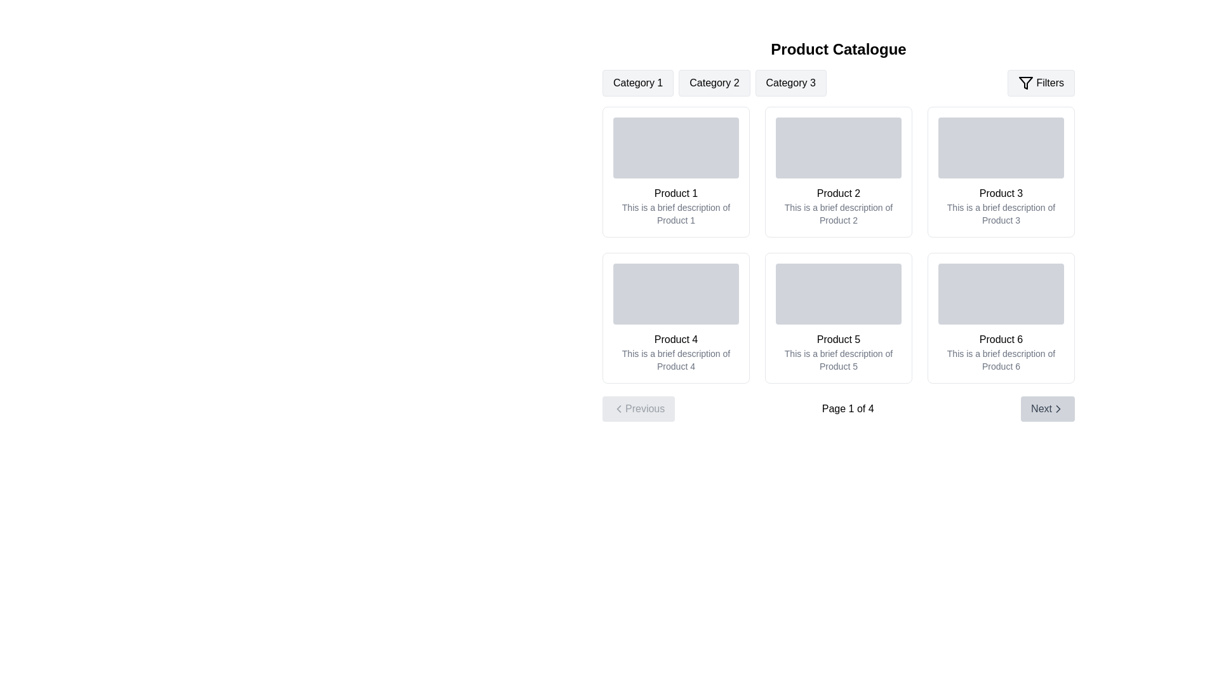 Image resolution: width=1219 pixels, height=686 pixels. I want to click on product's name and description from the first card in the top left corner of the grid, which provides information about the product, so click(676, 171).